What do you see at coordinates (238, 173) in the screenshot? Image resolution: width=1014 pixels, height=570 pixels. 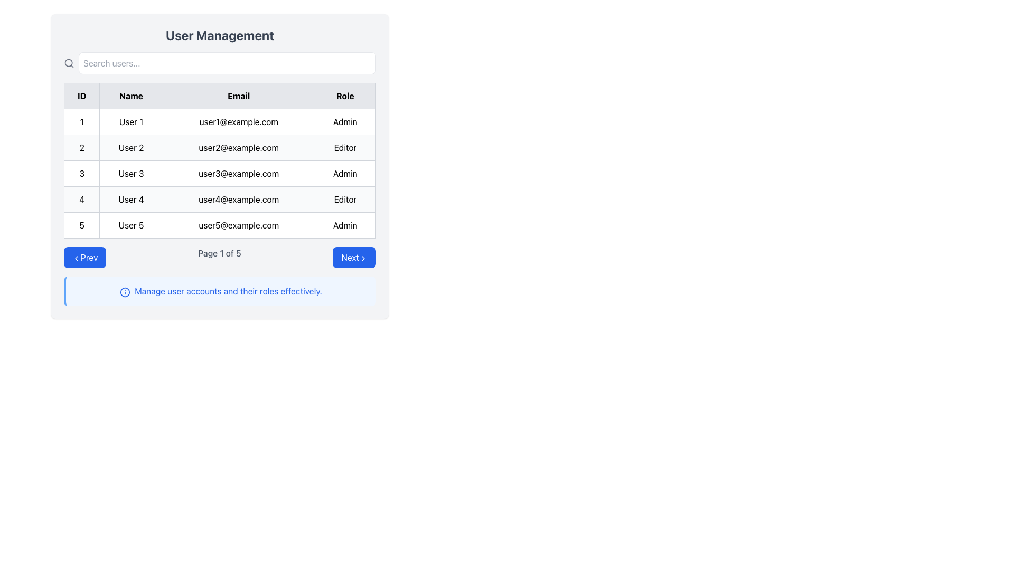 I see `the static text label displaying the email address in the third row of the table under the 'Email' column, positioned between 'User 3' and 'Admin'` at bounding box center [238, 173].